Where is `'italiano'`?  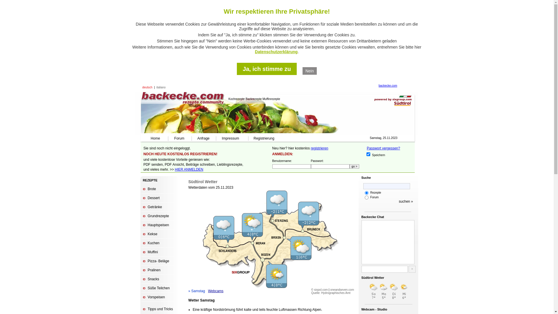
'italiano' is located at coordinates (161, 87).